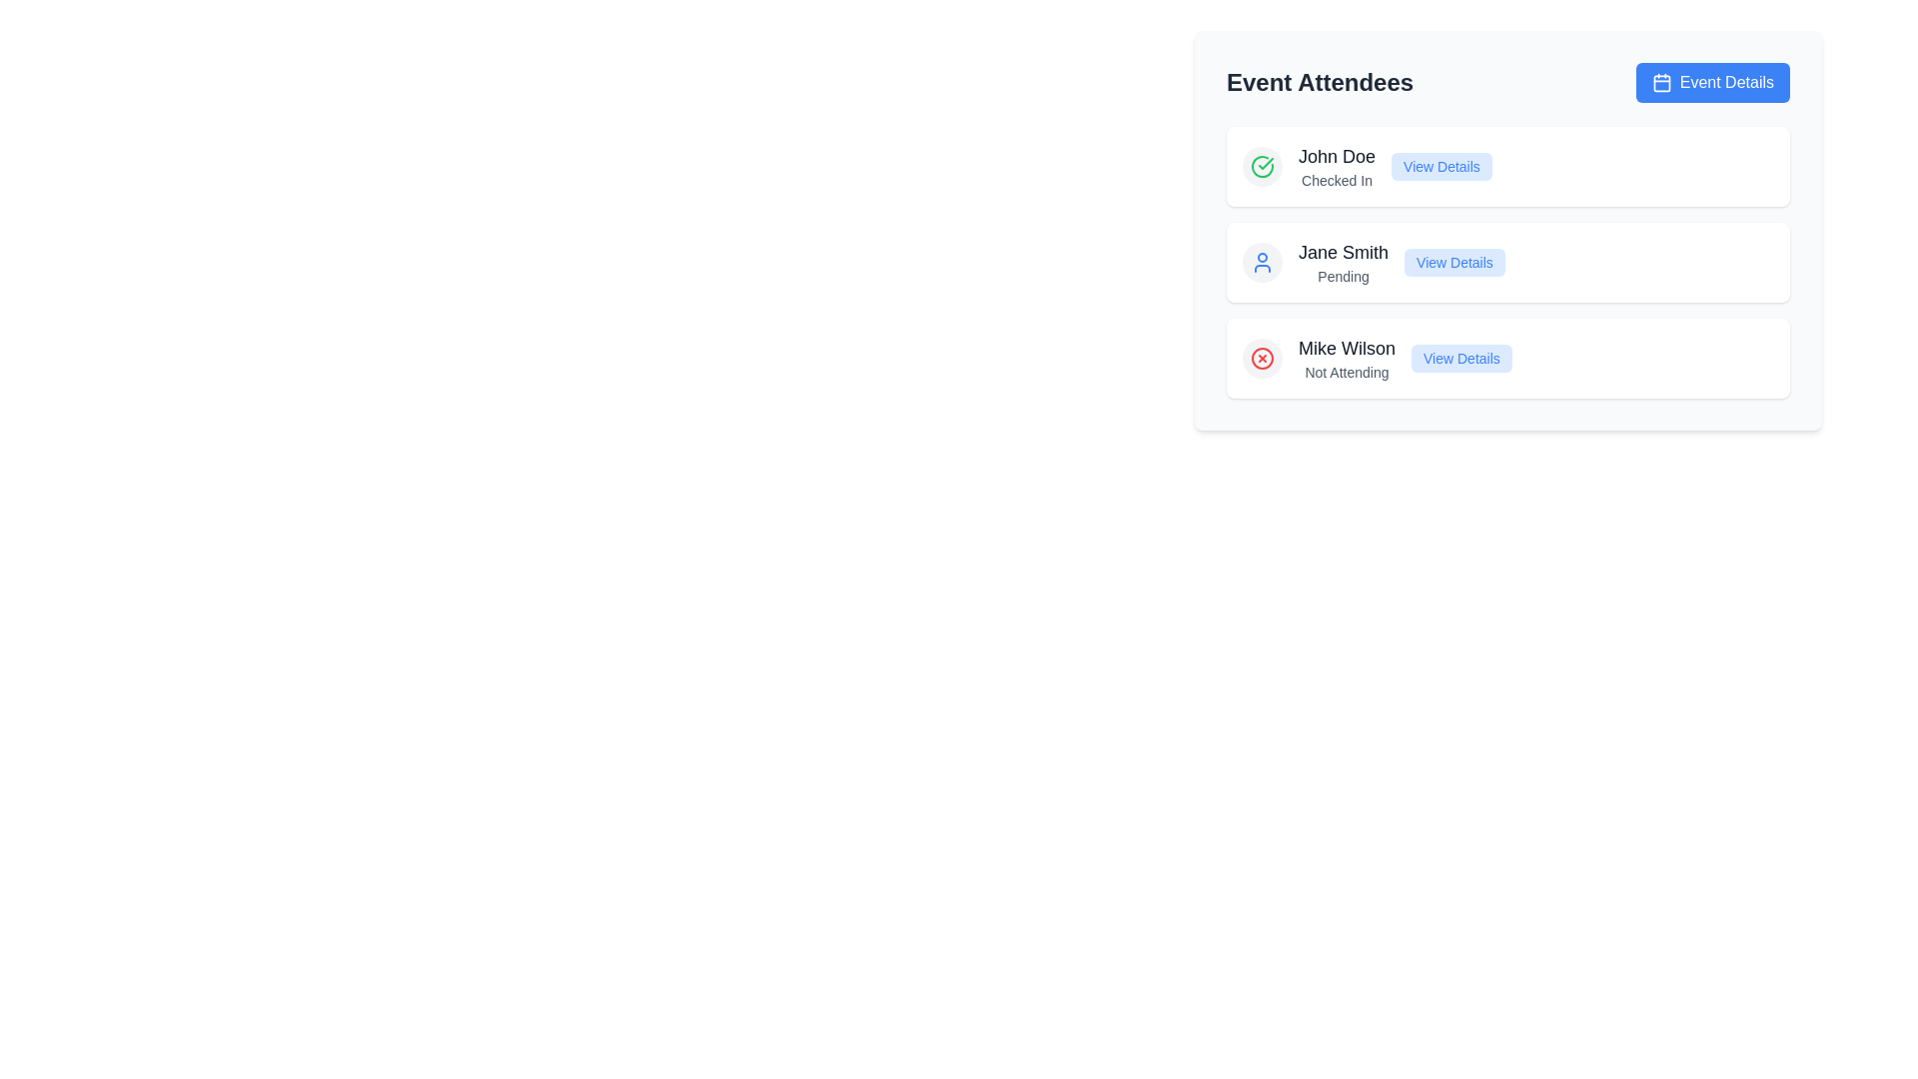  What do you see at coordinates (1461, 357) in the screenshot?
I see `the button located at the right end of the row for 'Mike Wilson - Not Attending' in the 'Event Attendees' section` at bounding box center [1461, 357].